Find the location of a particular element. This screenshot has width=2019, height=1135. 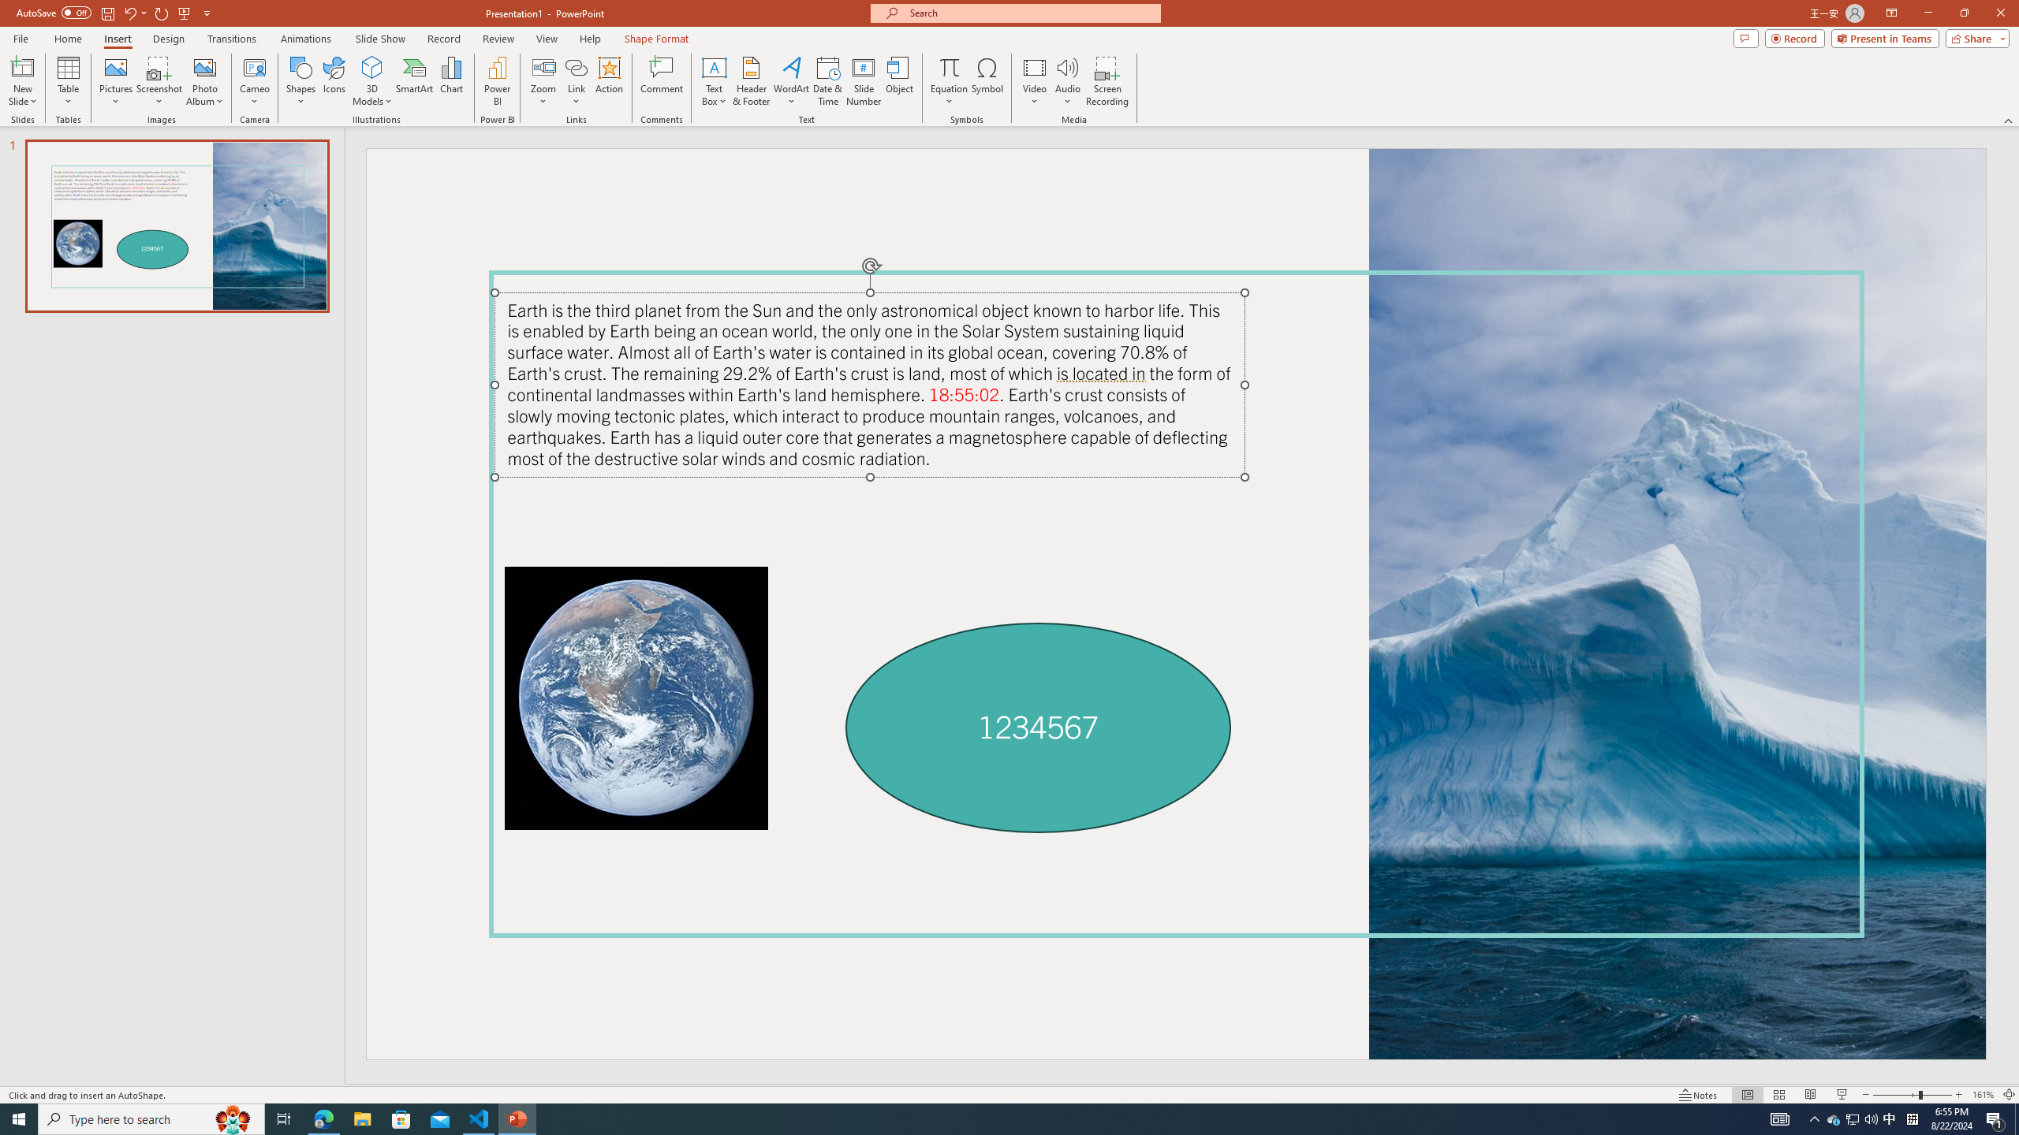

'Action' is located at coordinates (610, 81).